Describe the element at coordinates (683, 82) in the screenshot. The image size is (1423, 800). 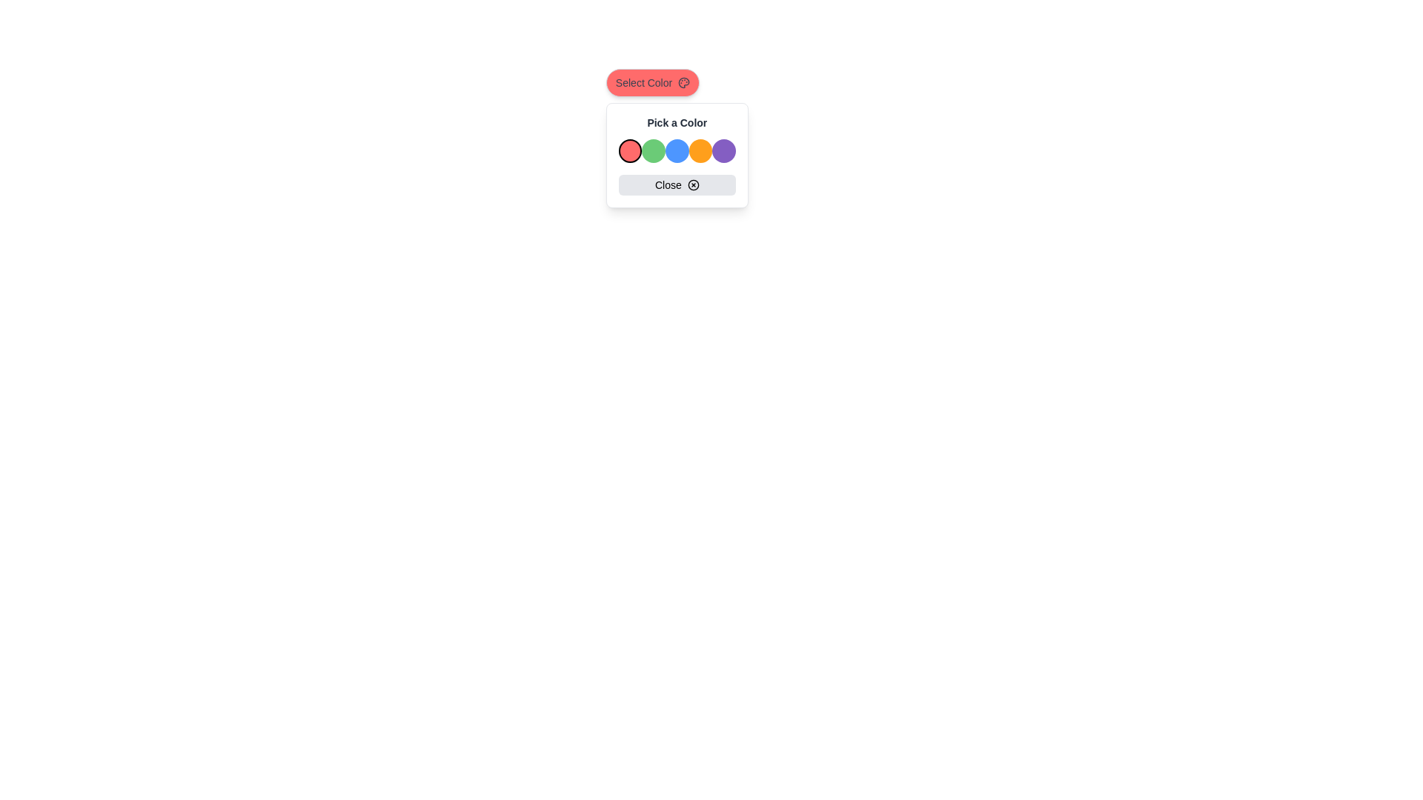
I see `the colorful palette icon located next to the 'Select Color' label in the interface` at that location.